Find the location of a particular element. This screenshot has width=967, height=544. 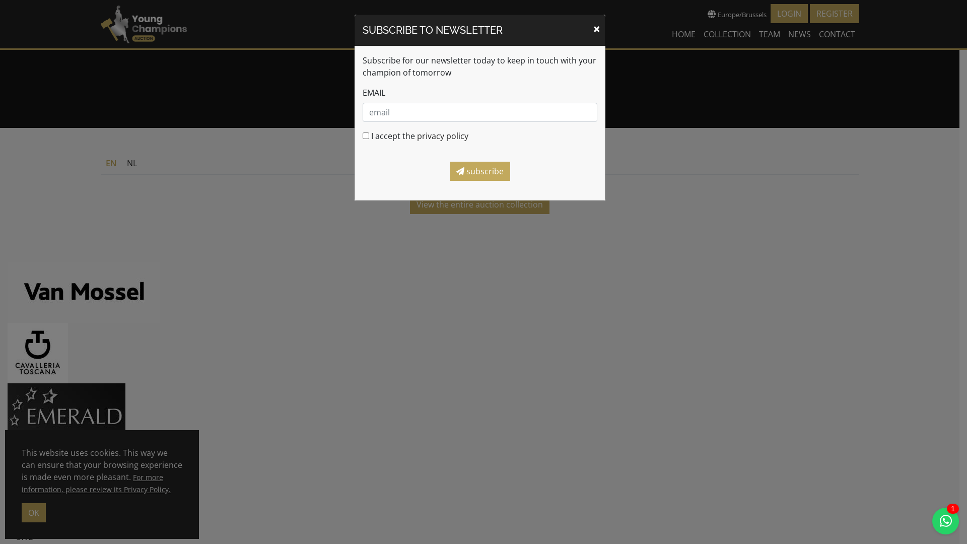

'NEWS' is located at coordinates (798, 34).